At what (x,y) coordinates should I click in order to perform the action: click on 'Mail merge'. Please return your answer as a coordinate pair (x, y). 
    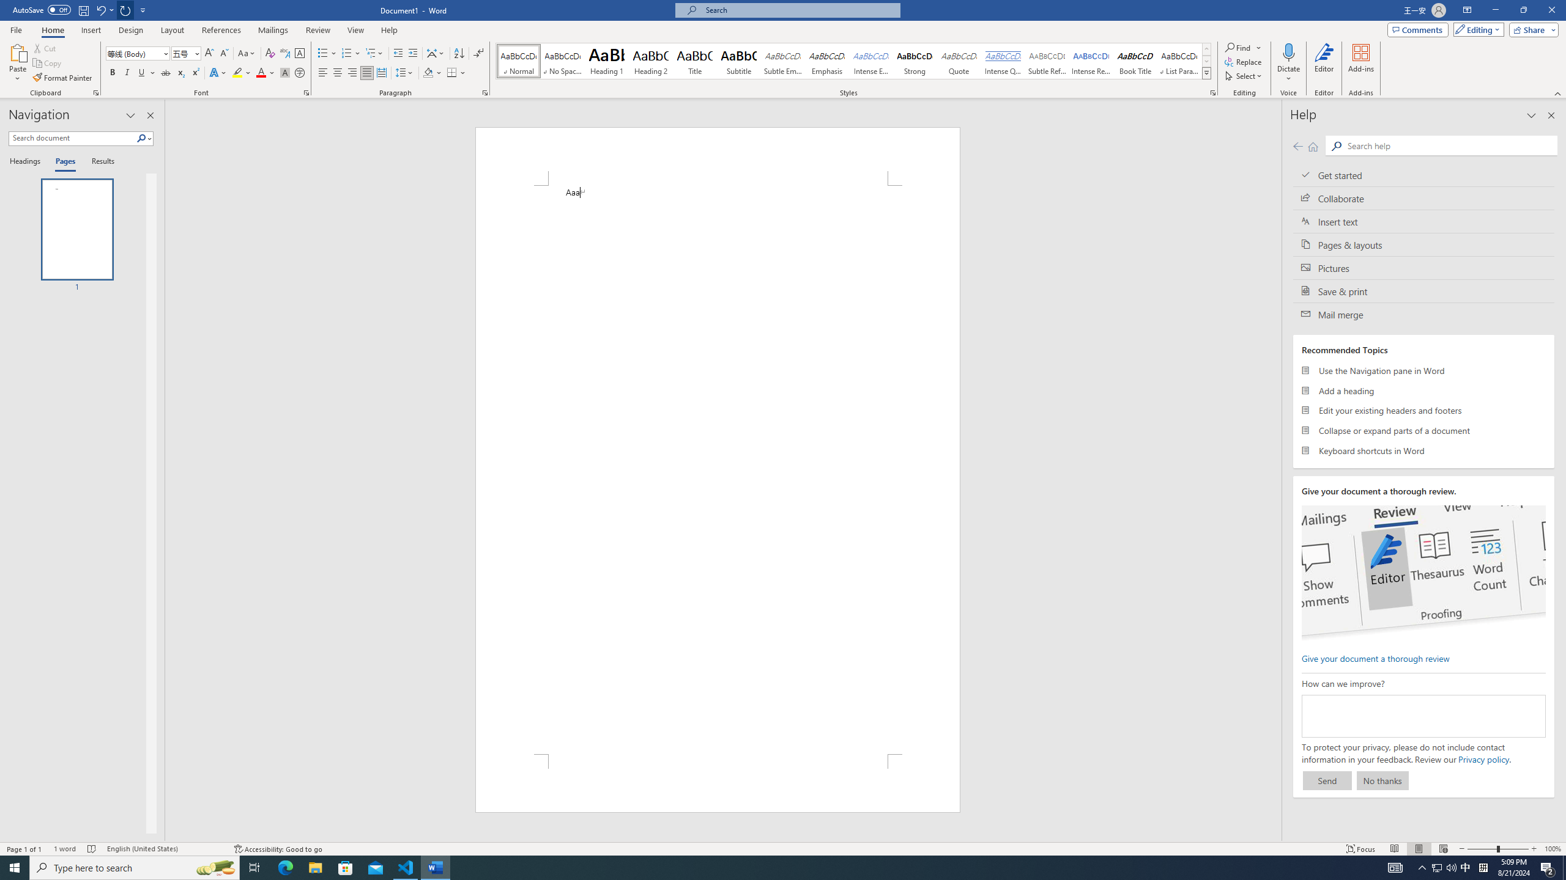
    Looking at the image, I should click on (1423, 313).